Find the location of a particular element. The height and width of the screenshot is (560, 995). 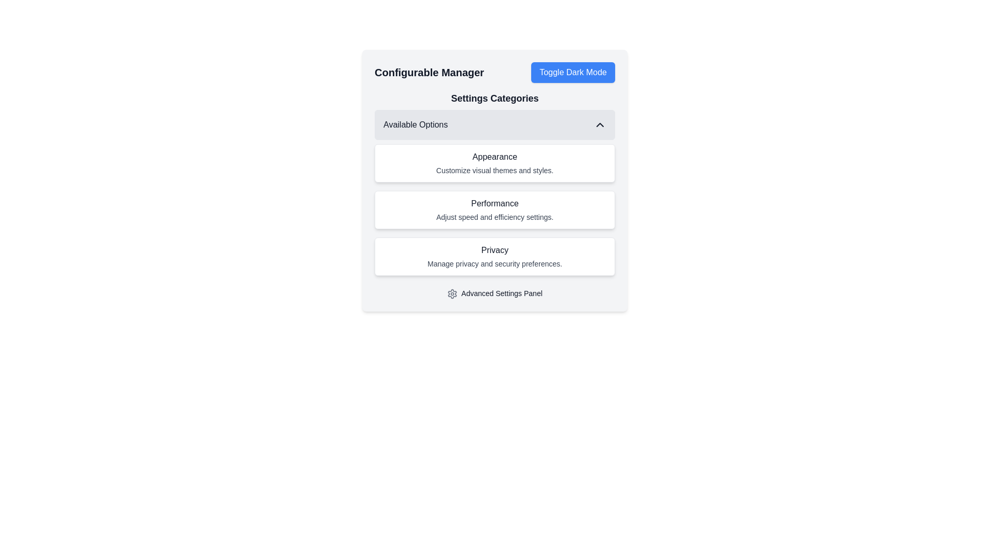

the Informational card or panel describing options for modifying speed and efficiency settings, located under the 'Available Options' section in the 'Settings Categories' panel is located at coordinates (494, 210).